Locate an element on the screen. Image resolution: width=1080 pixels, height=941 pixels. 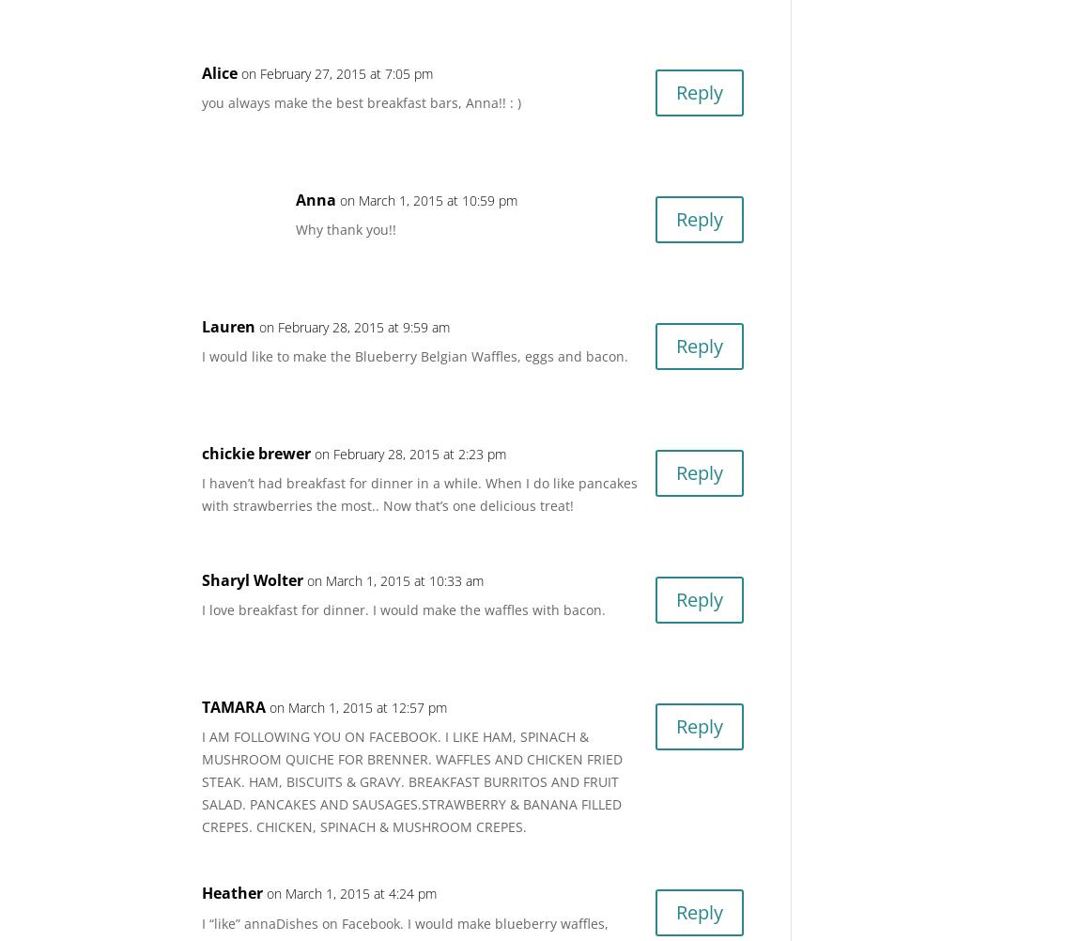
'on March 1, 2015 at 10:33 am' is located at coordinates (395, 578).